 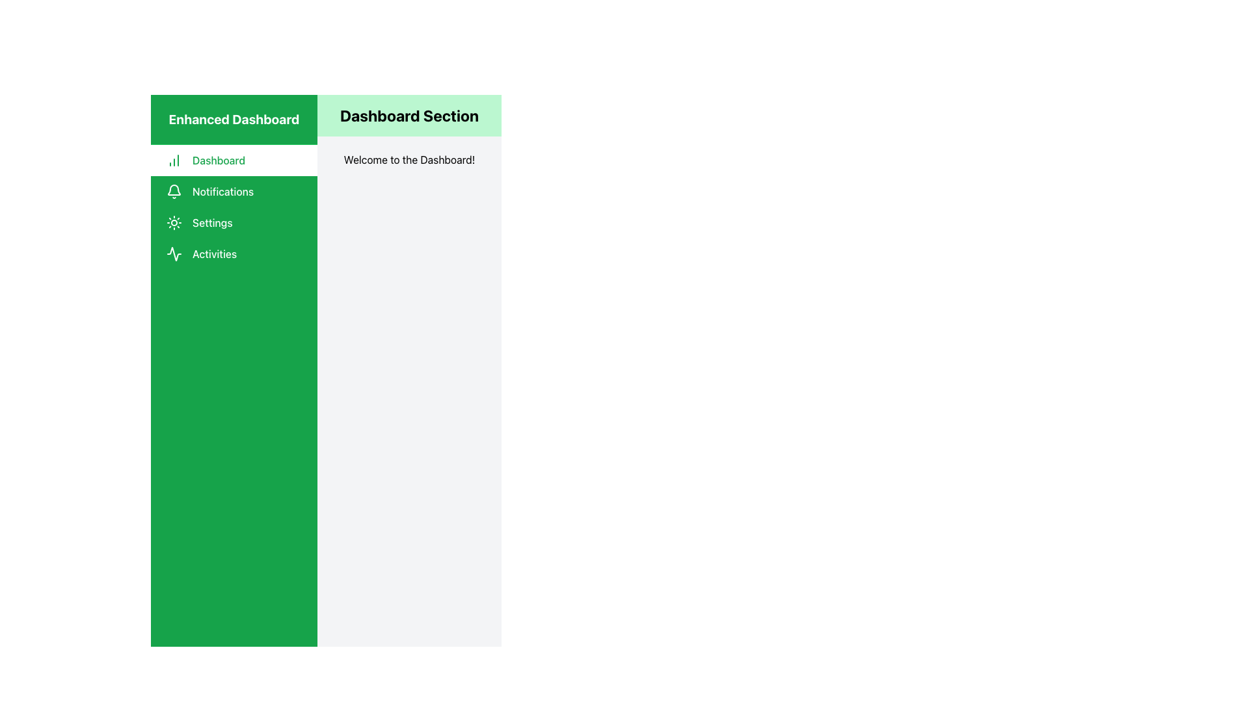 I want to click on the small green and white waveform icon in the vertical navigation bar, so click(x=174, y=253).